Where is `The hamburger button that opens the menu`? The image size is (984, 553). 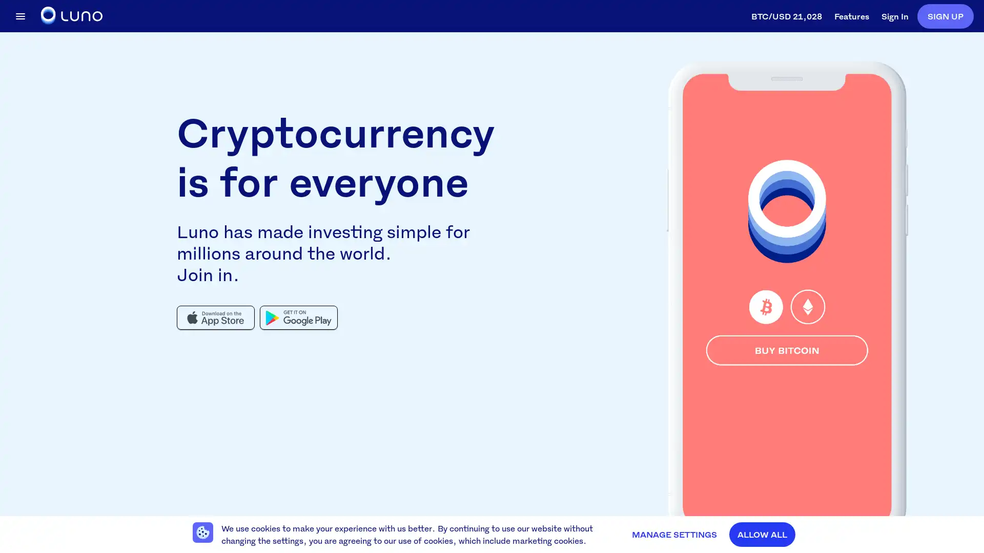
The hamburger button that opens the menu is located at coordinates (20, 15).